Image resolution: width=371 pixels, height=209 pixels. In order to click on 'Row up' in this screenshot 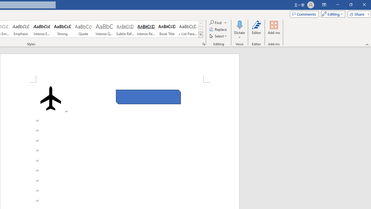, I will do `click(201, 23)`.